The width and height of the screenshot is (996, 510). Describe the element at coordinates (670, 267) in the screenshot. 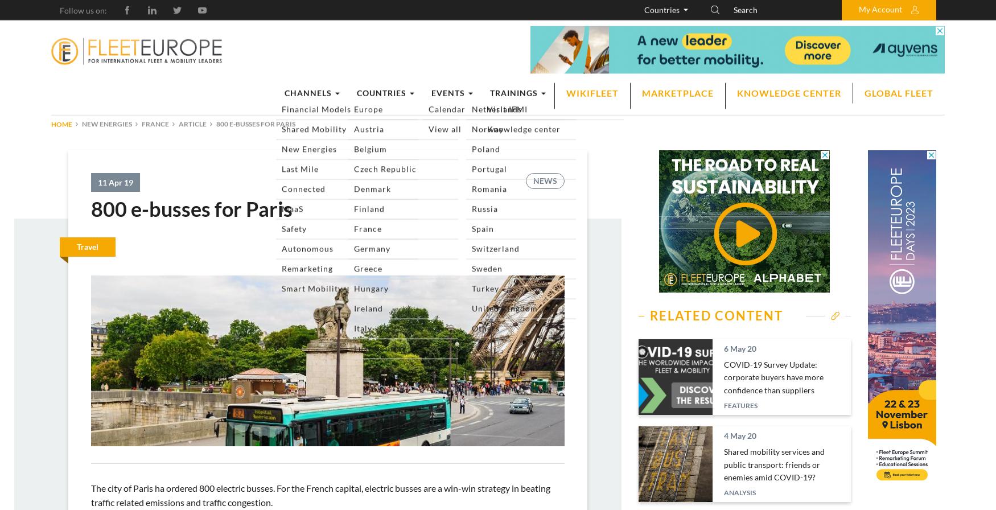

I see `'Romania'` at that location.